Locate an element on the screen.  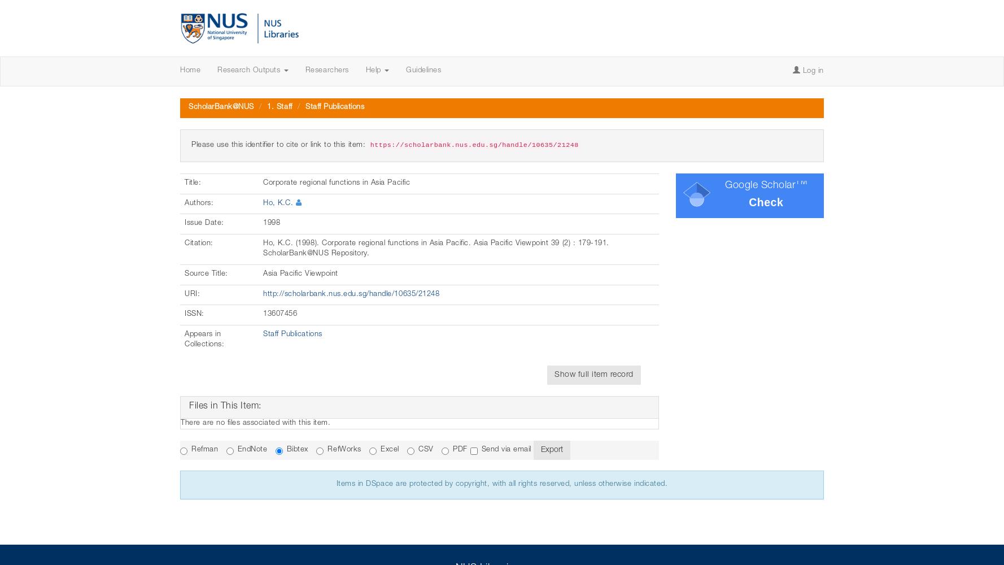
'Guidelines' is located at coordinates (422, 71).